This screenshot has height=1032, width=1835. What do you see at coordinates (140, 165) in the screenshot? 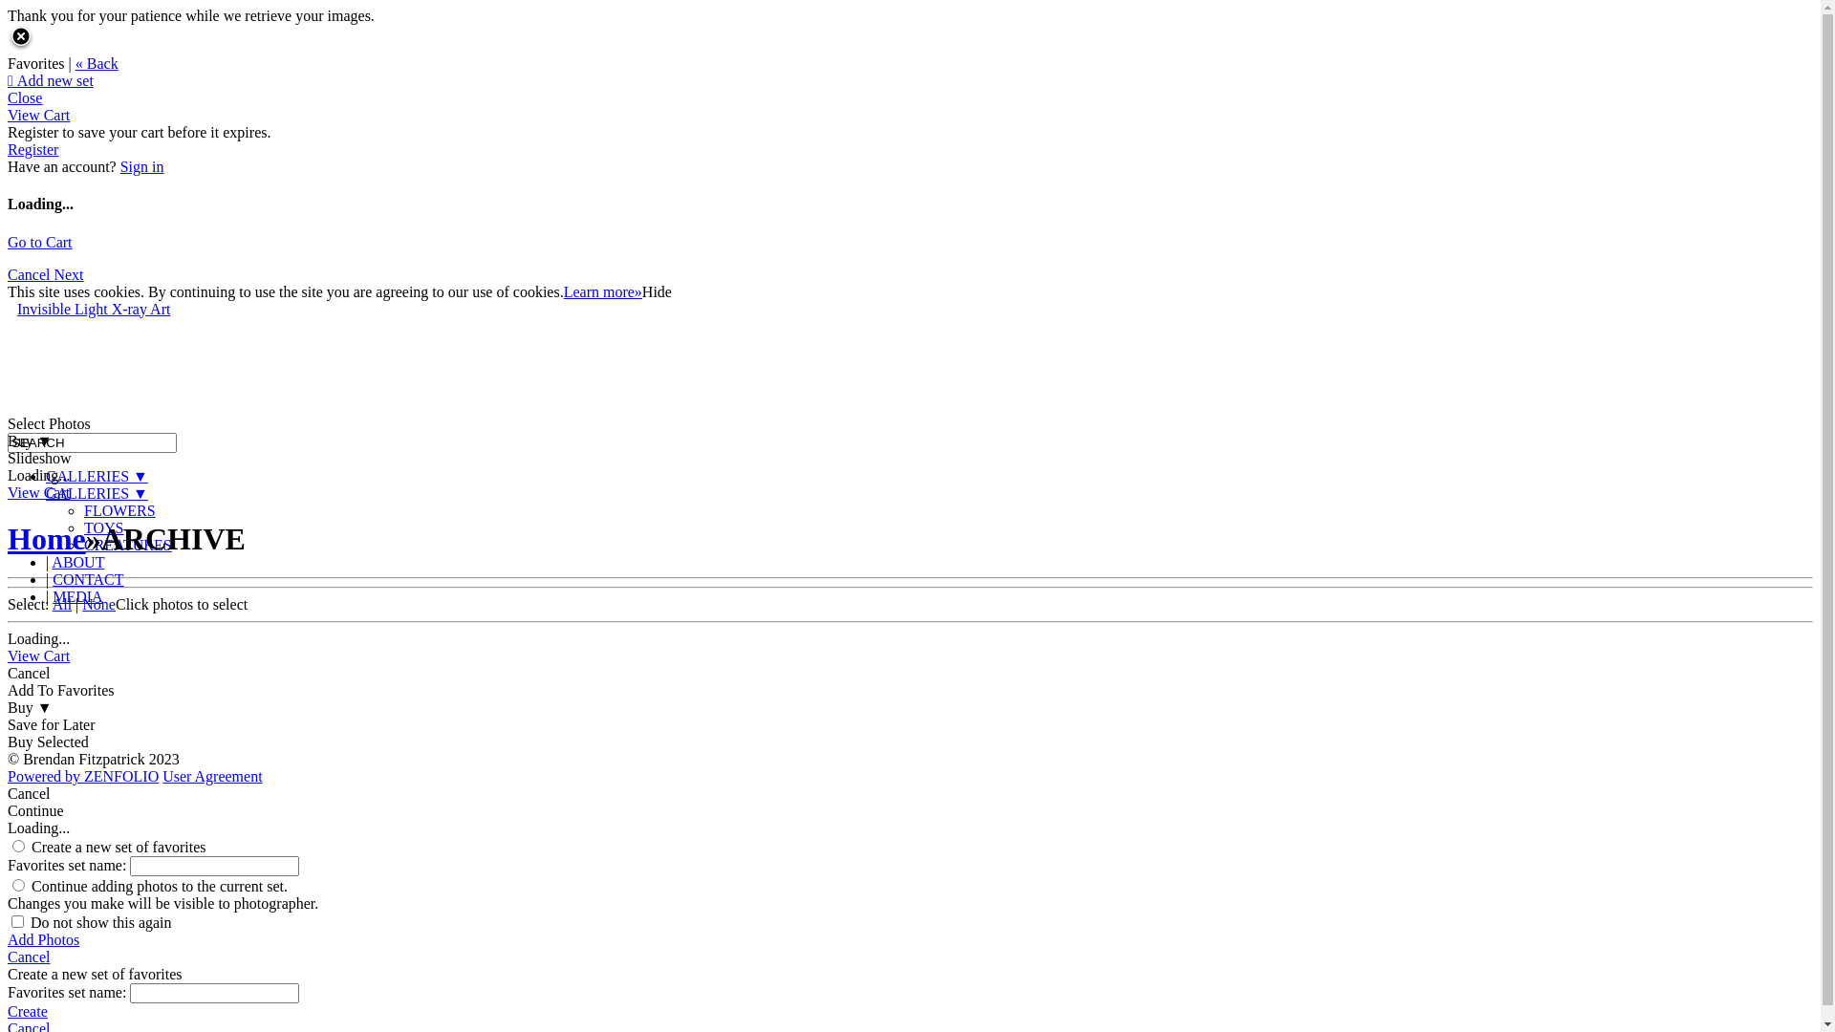
I see `'Sign in'` at bounding box center [140, 165].